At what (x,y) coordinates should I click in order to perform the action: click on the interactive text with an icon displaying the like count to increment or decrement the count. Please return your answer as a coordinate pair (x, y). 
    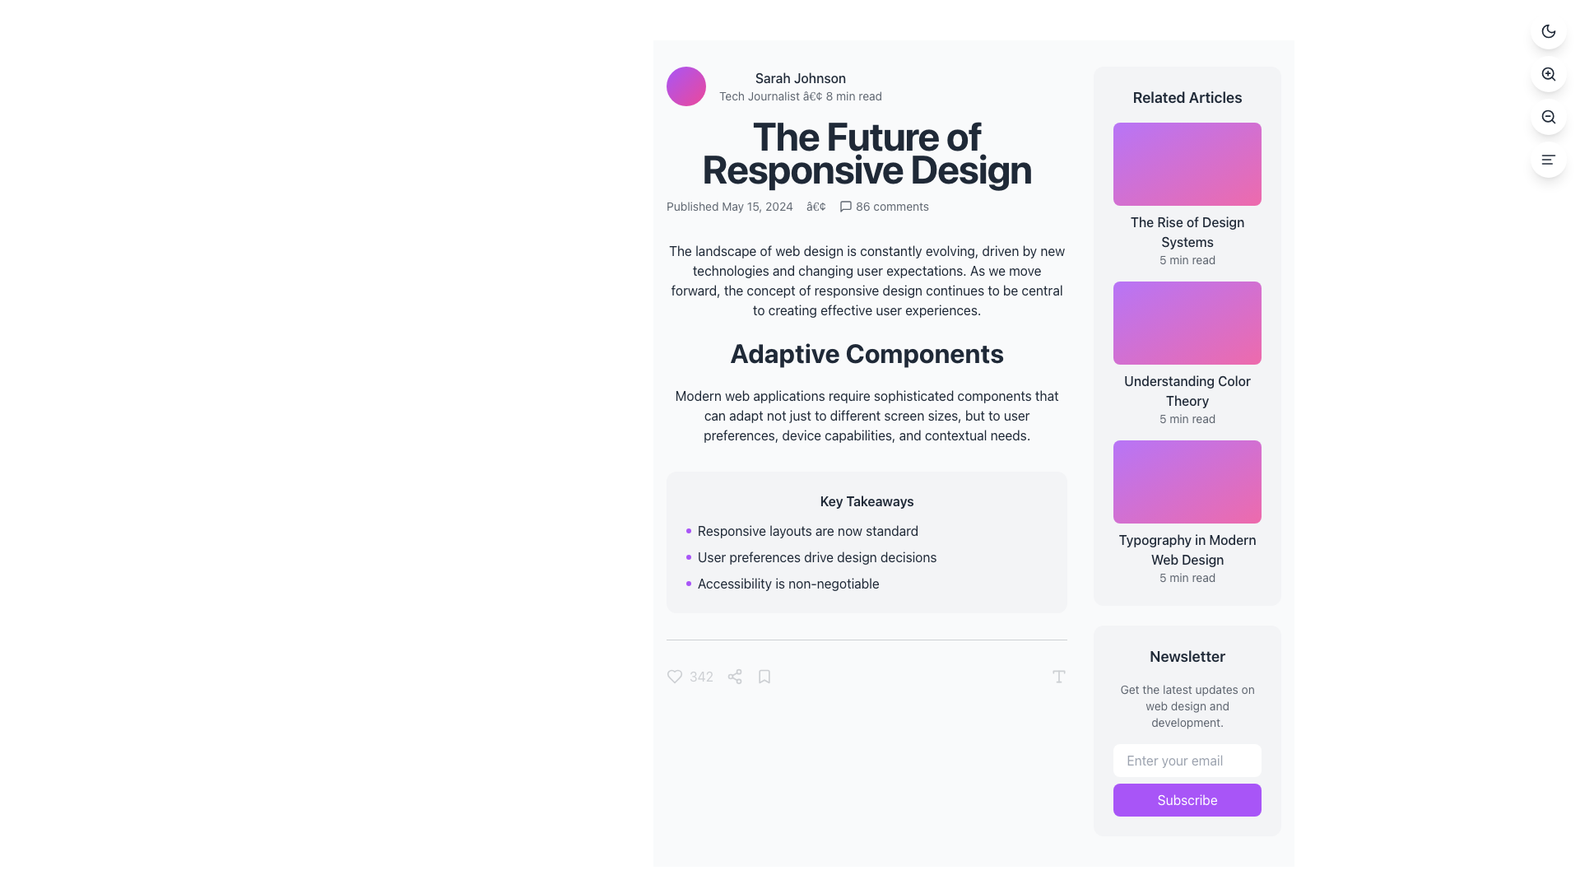
    Looking at the image, I should click on (690, 676).